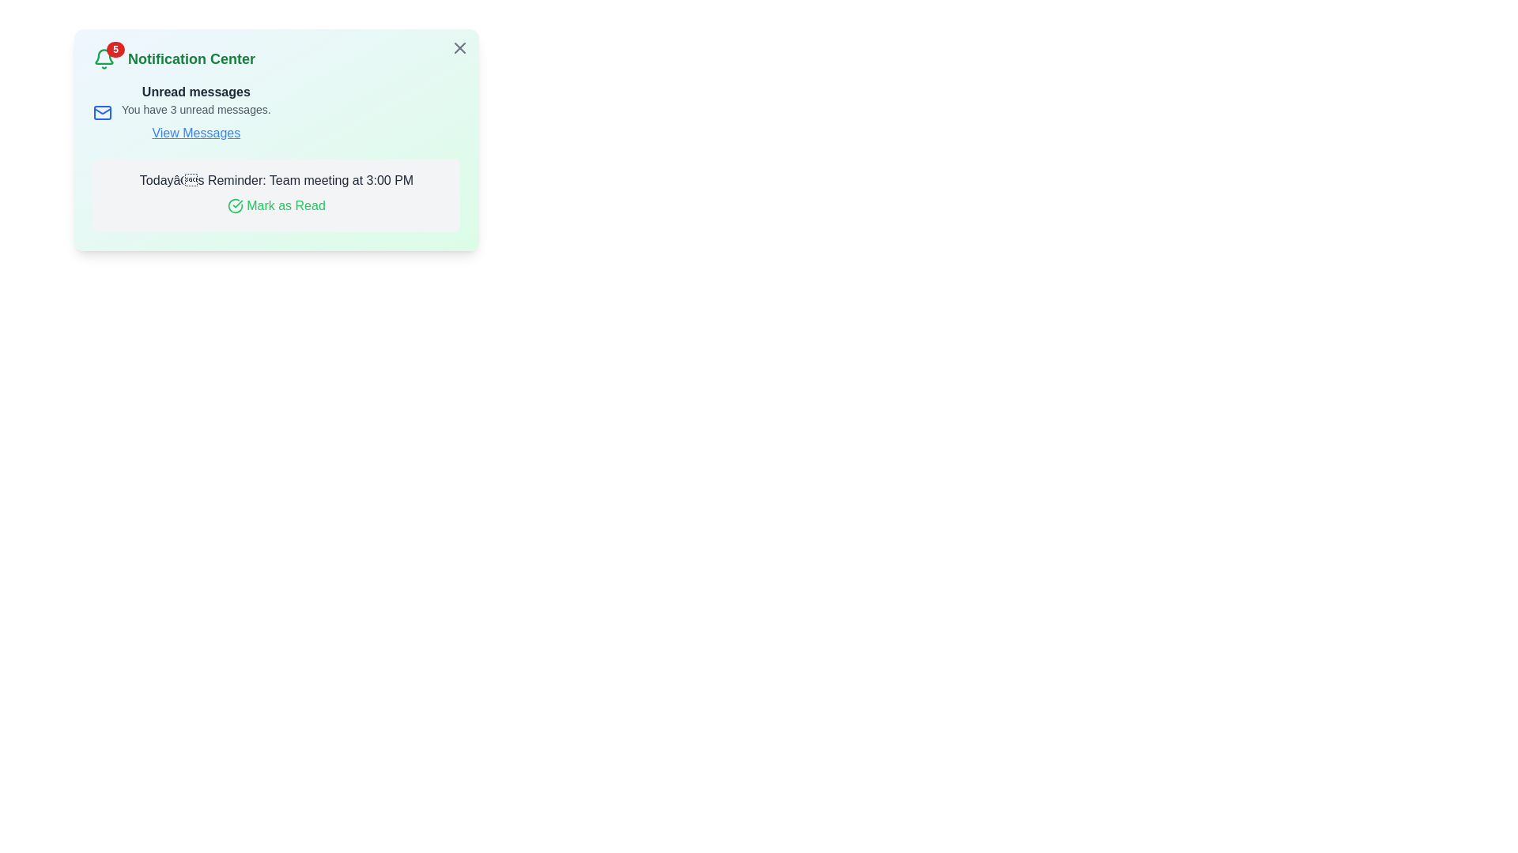 Image resolution: width=1518 pixels, height=853 pixels. Describe the element at coordinates (101, 111) in the screenshot. I see `the envelope icon representing the mail or messaging feature located on the left side of the 'Unread messages' section within the notification card` at that location.